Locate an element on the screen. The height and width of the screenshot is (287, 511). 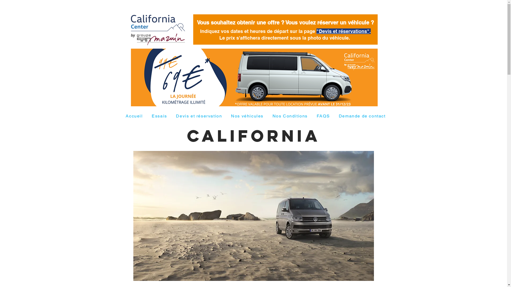
'Nos Conditions' is located at coordinates (290, 116).